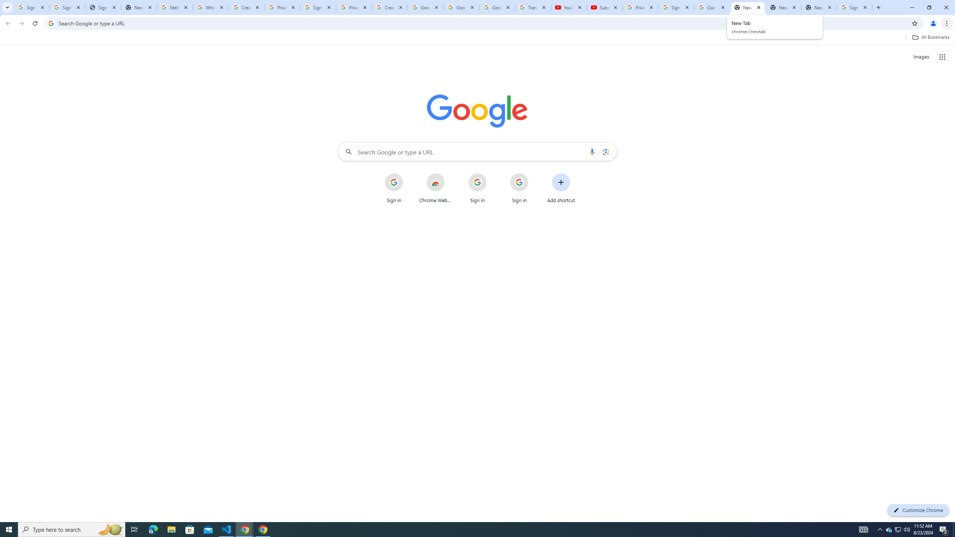 The image size is (955, 537). I want to click on 'Sign In - USA TODAY', so click(103, 7).